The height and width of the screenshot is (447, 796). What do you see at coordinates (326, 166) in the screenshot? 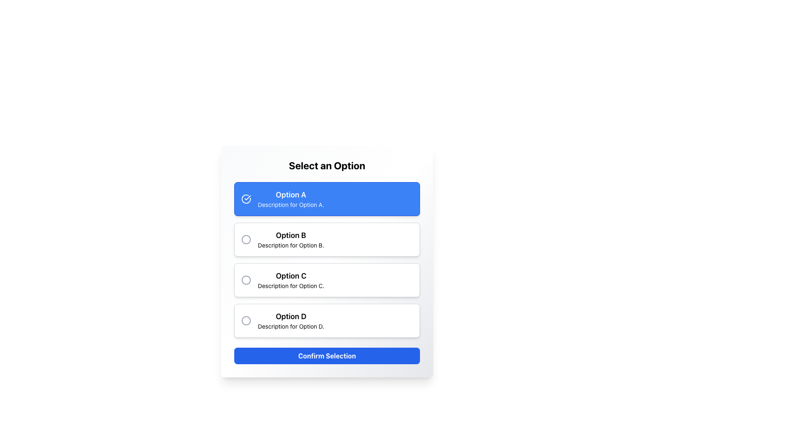
I see `bold centered title 'Select an Option' located at the top of the section` at bounding box center [326, 166].